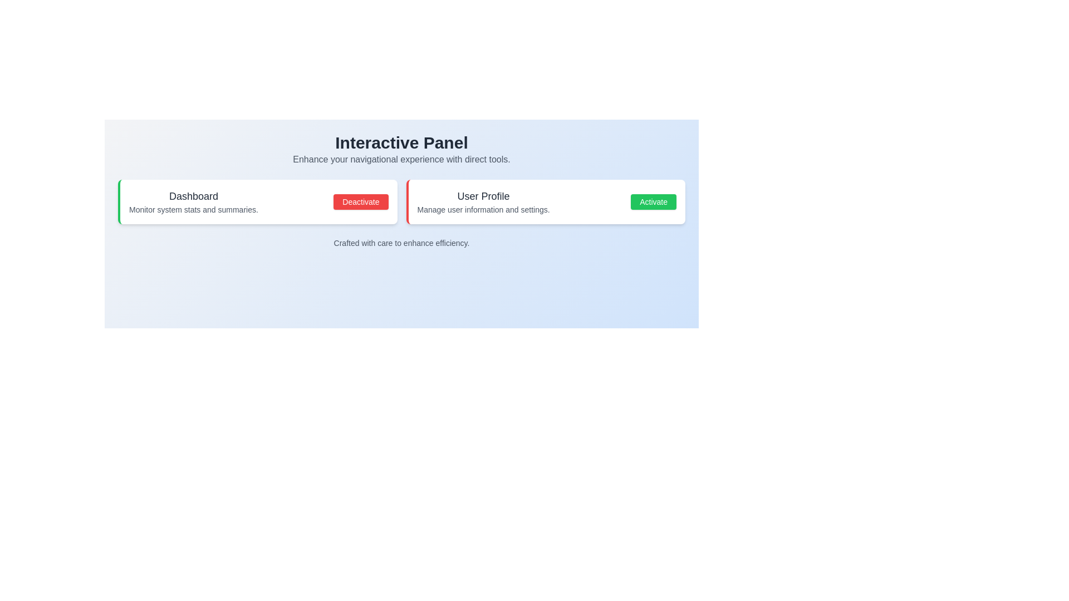  Describe the element at coordinates (401, 142) in the screenshot. I see `the prominent textual header labeled 'Interactive Panel', which is styled in bold and larger font, positioned at the top of its section` at that location.